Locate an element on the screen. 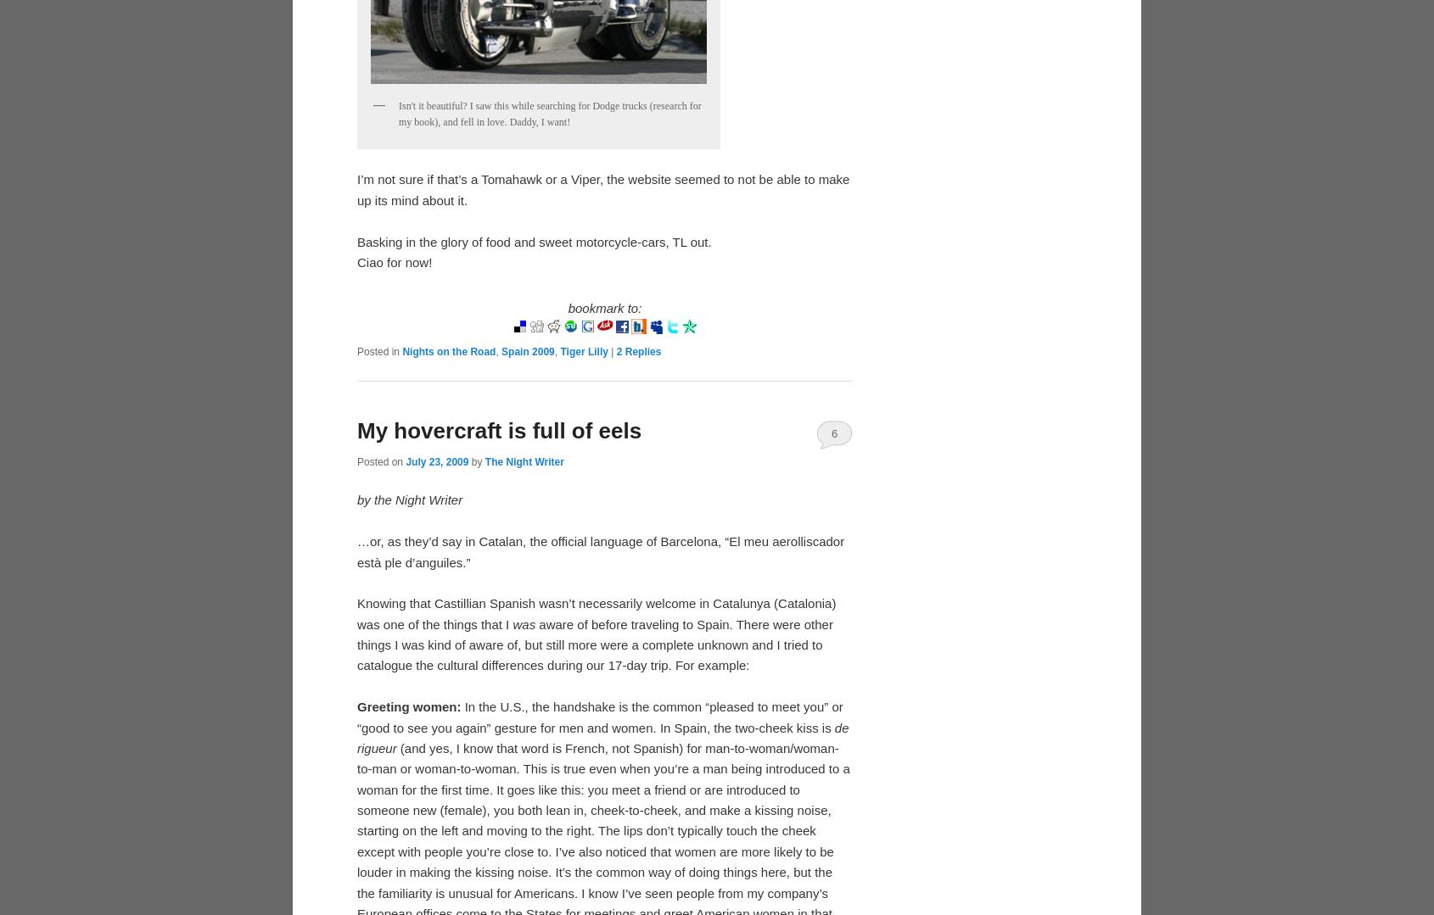 The image size is (1434, 915). 'Isn't it beautiful? I saw this while searching for Dodge trucks (research for my book), and fell in love. Daddy, I want!' is located at coordinates (398, 113).